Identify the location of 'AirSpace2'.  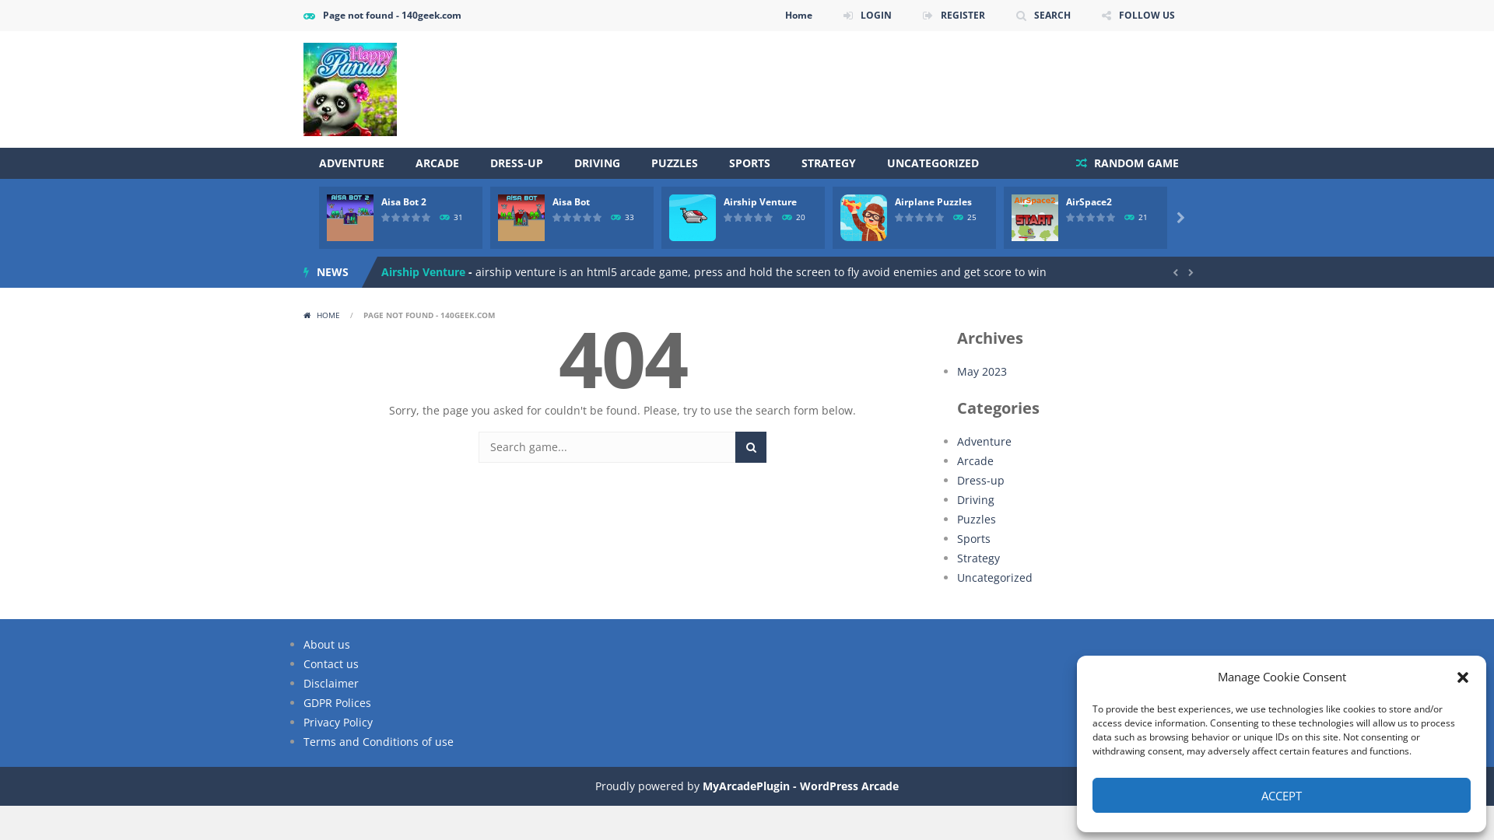
(1088, 201).